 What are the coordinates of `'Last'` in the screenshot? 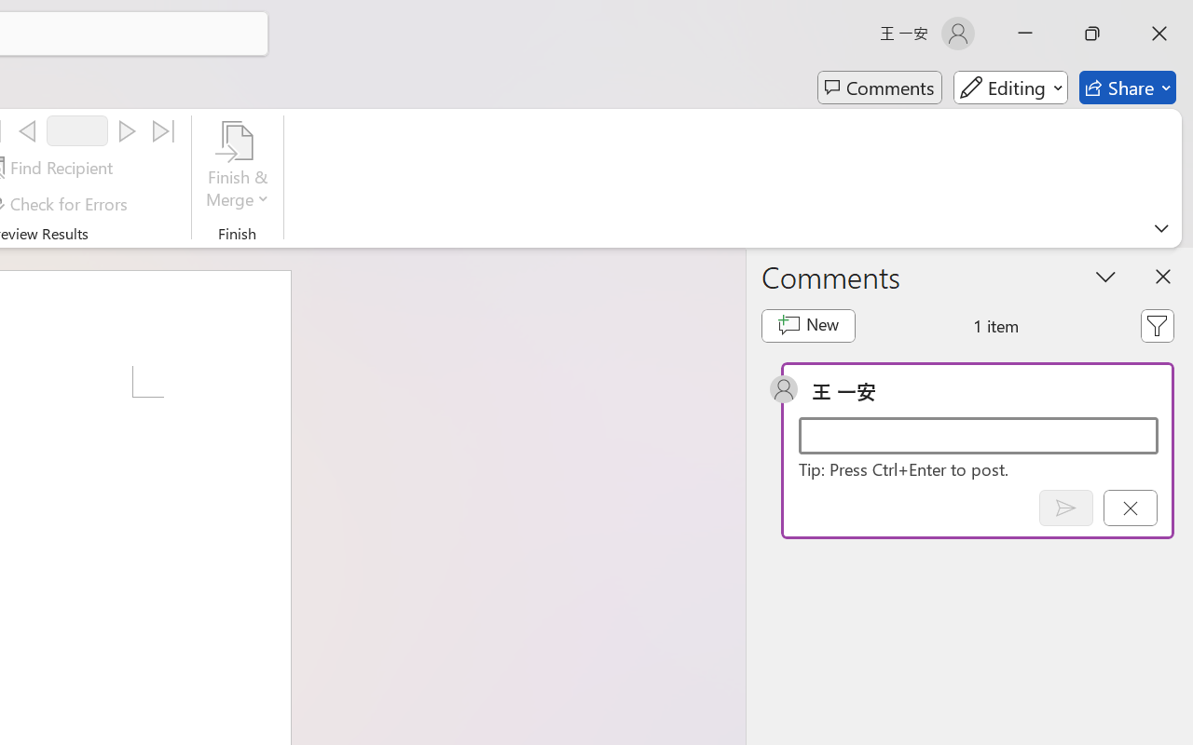 It's located at (164, 131).